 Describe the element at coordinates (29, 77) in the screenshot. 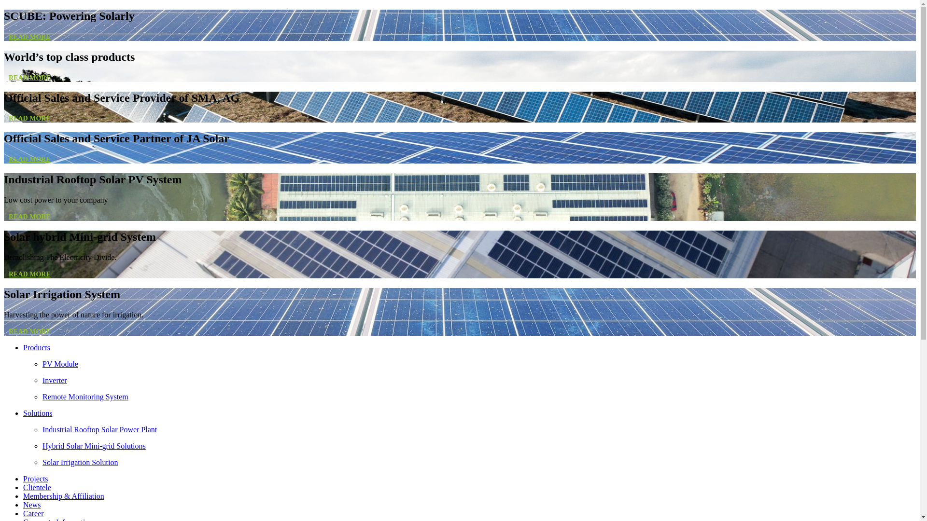

I see `'READ MORE'` at that location.